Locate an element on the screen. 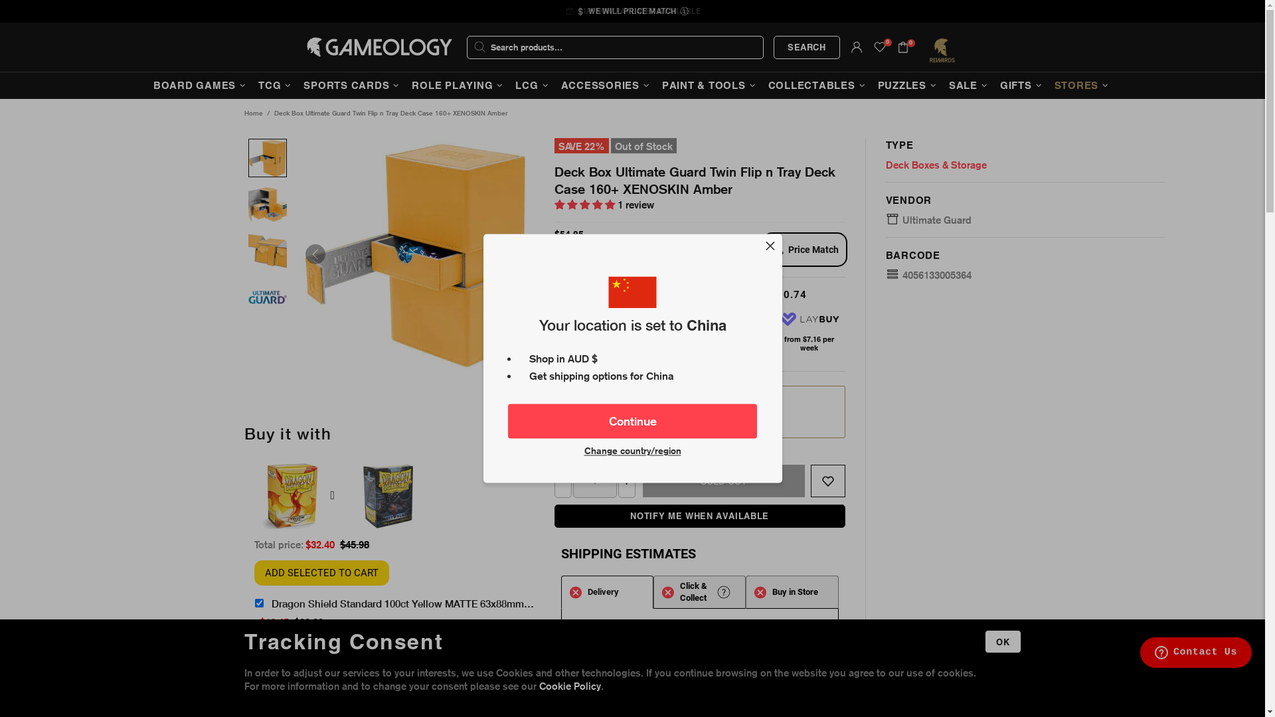 The height and width of the screenshot is (717, 1275). 'BOARD GAMES' is located at coordinates (200, 85).